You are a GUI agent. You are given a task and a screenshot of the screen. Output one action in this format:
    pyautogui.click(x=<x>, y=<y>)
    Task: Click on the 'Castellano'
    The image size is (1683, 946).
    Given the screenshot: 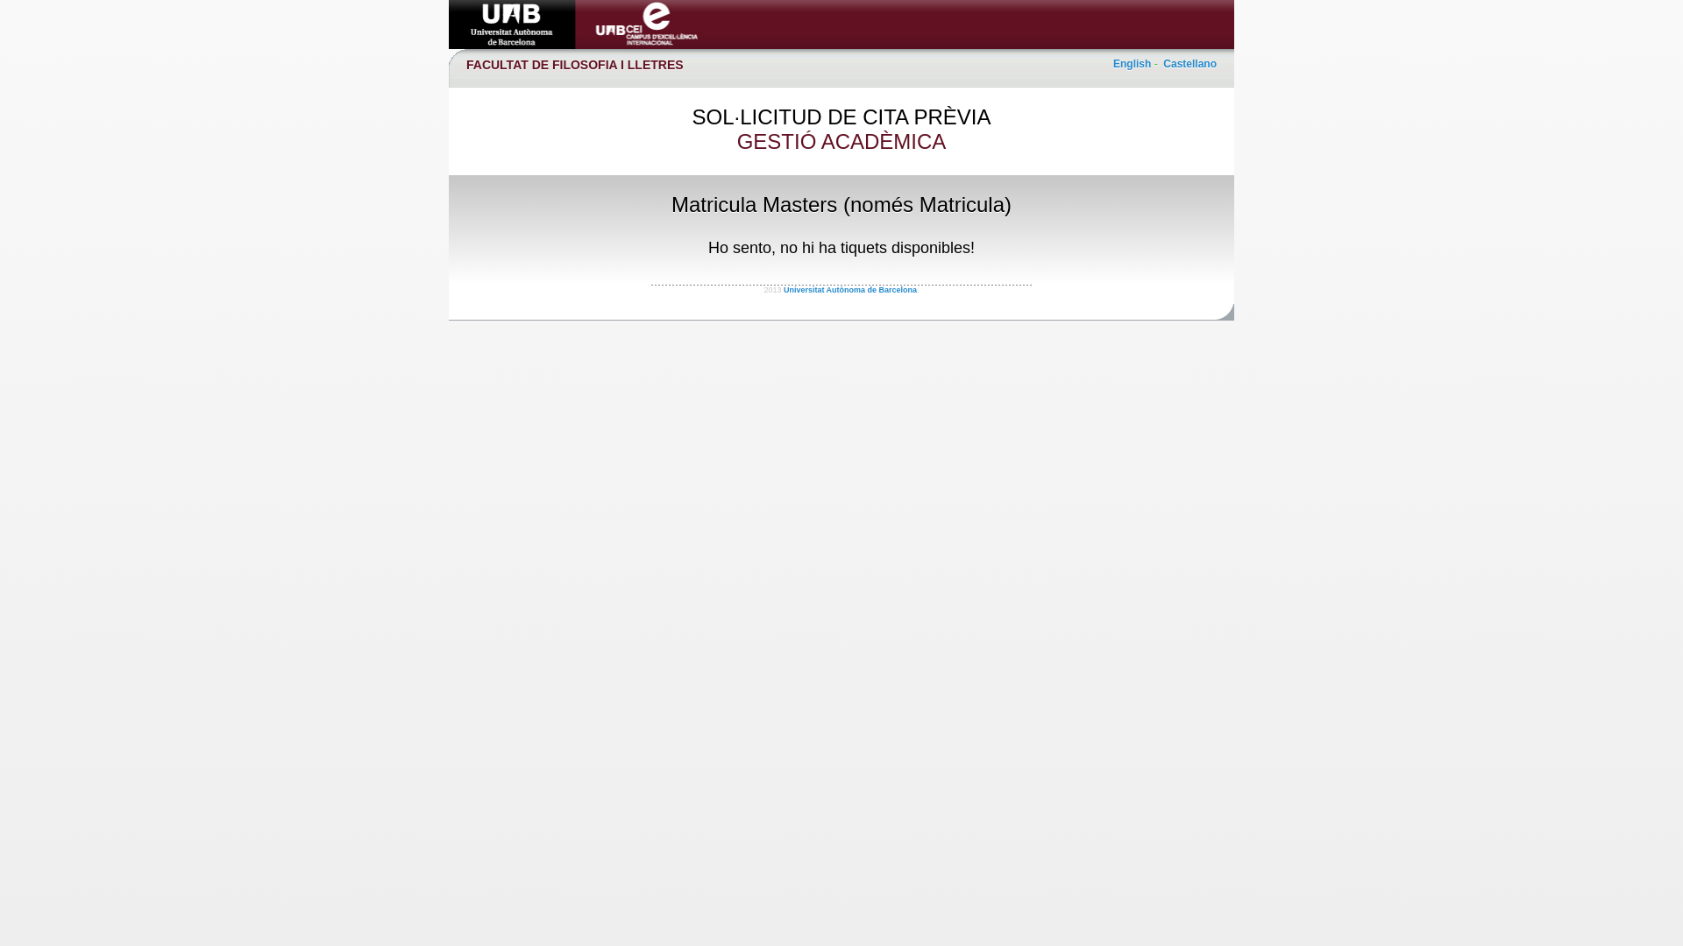 What is the action you would take?
    pyautogui.click(x=1189, y=63)
    